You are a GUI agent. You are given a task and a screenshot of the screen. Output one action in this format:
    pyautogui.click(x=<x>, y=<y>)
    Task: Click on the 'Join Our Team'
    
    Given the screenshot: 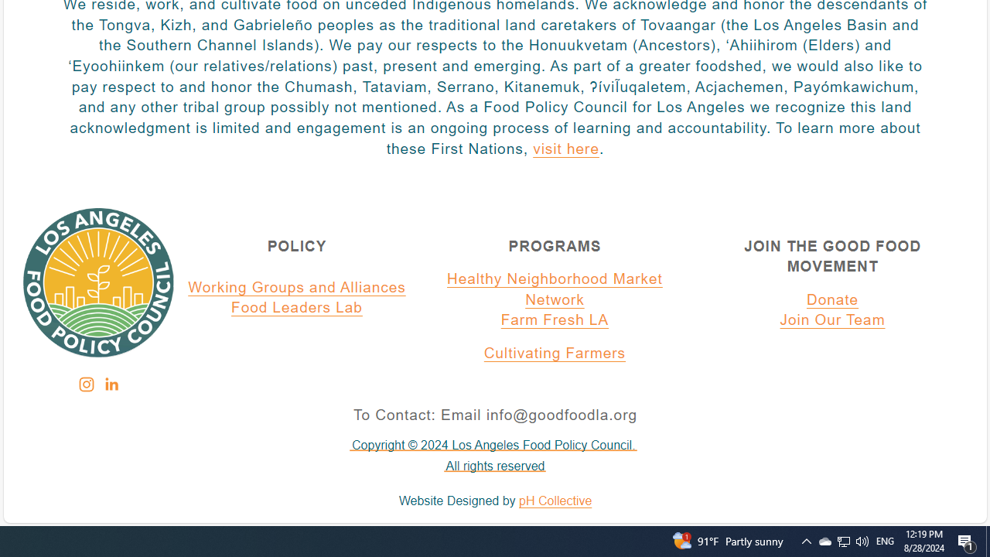 What is the action you would take?
    pyautogui.click(x=832, y=320)
    